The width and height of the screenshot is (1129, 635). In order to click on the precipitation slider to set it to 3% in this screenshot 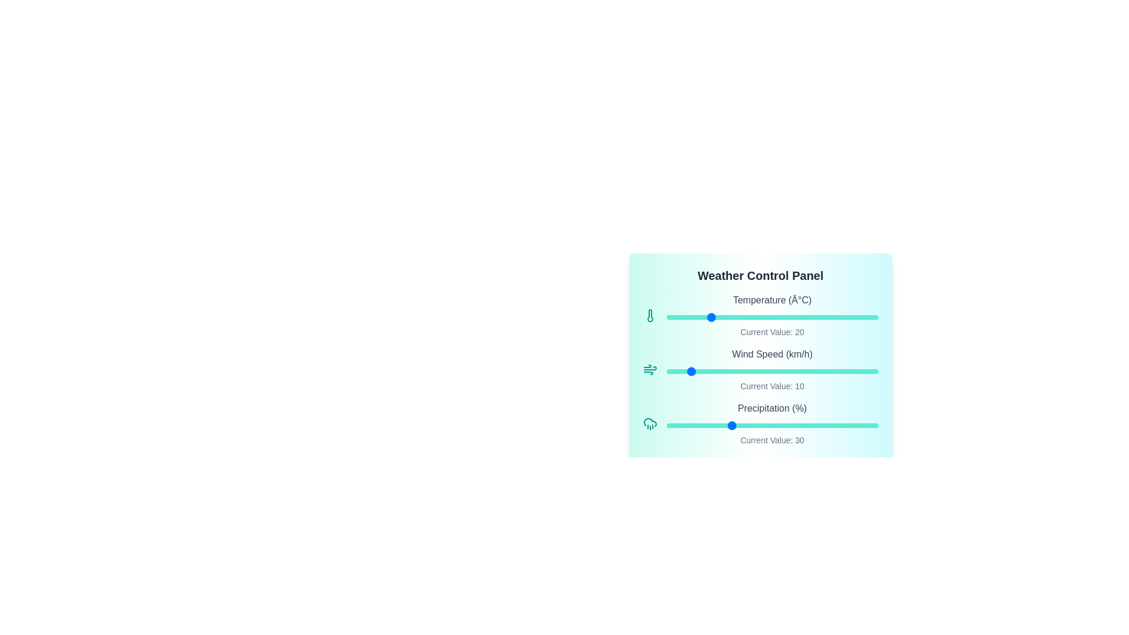, I will do `click(673, 426)`.